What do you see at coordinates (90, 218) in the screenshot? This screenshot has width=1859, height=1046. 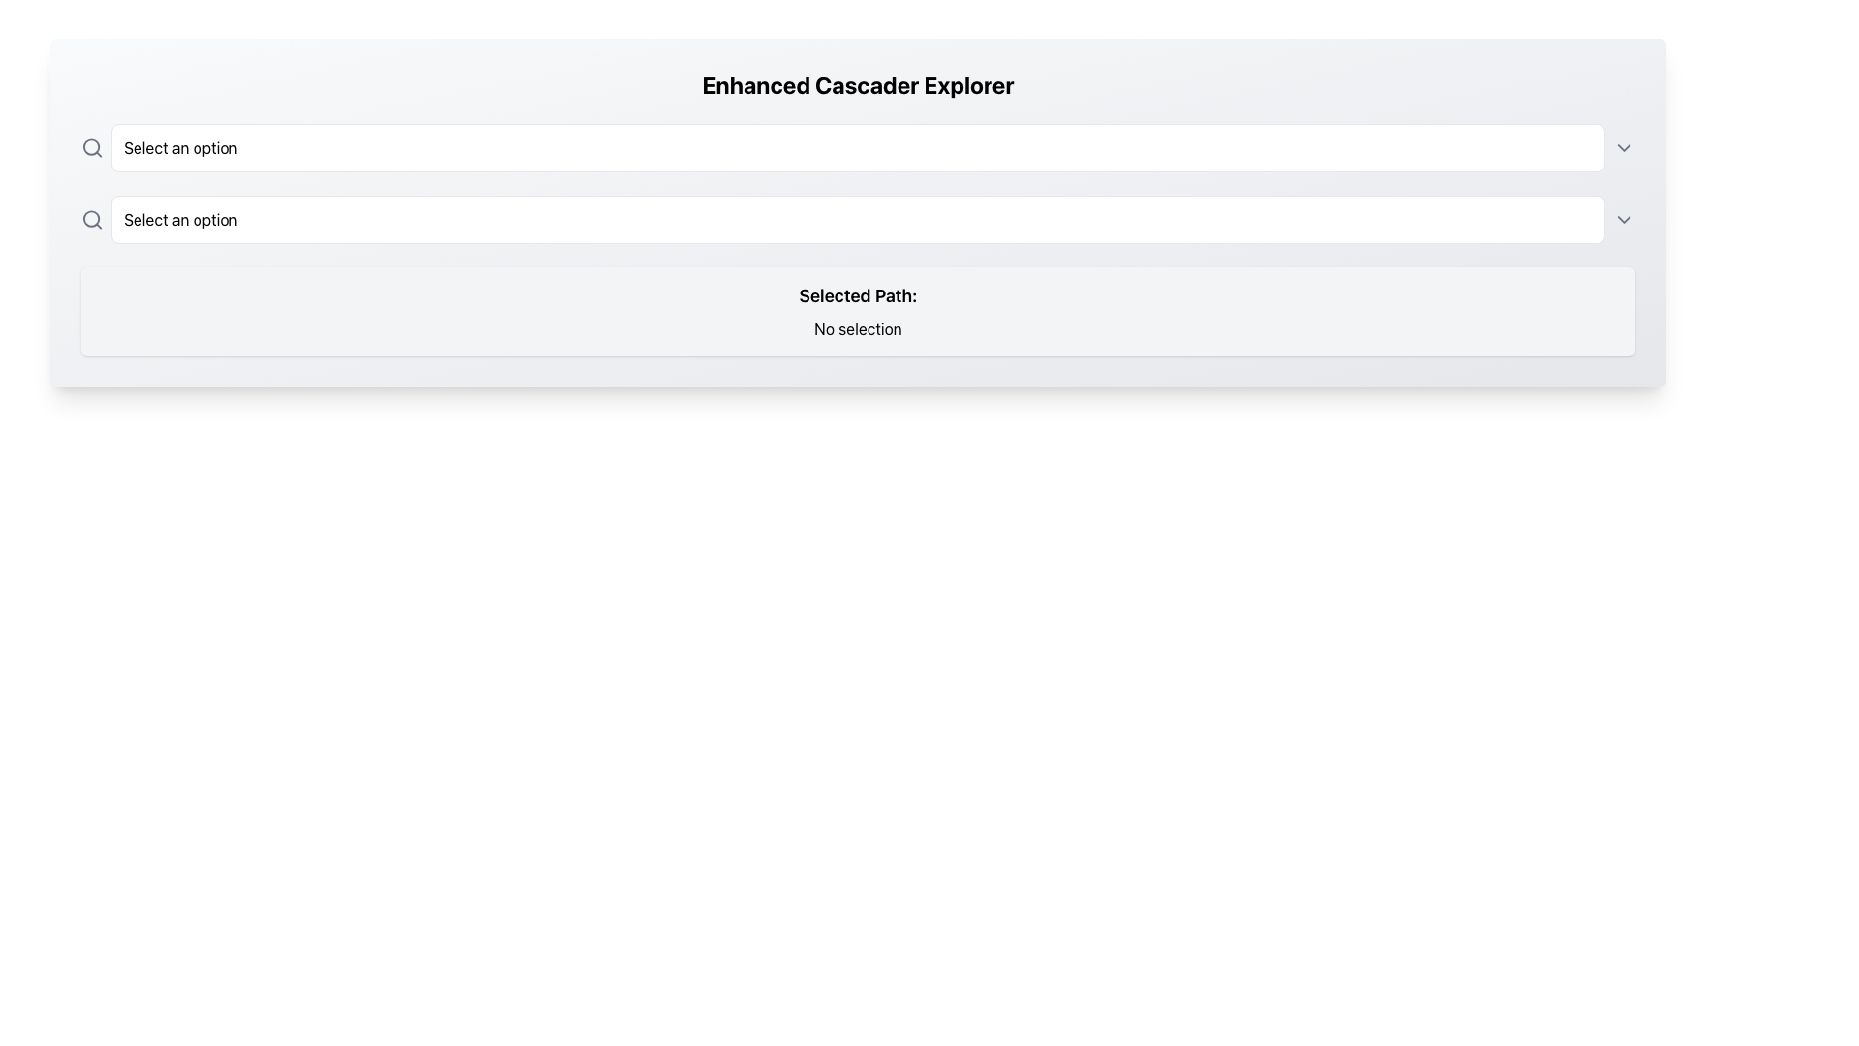 I see `the SVG Circle element that represents the search functionality, which is part of a grouped icon located on the left side of the second input field` at bounding box center [90, 218].